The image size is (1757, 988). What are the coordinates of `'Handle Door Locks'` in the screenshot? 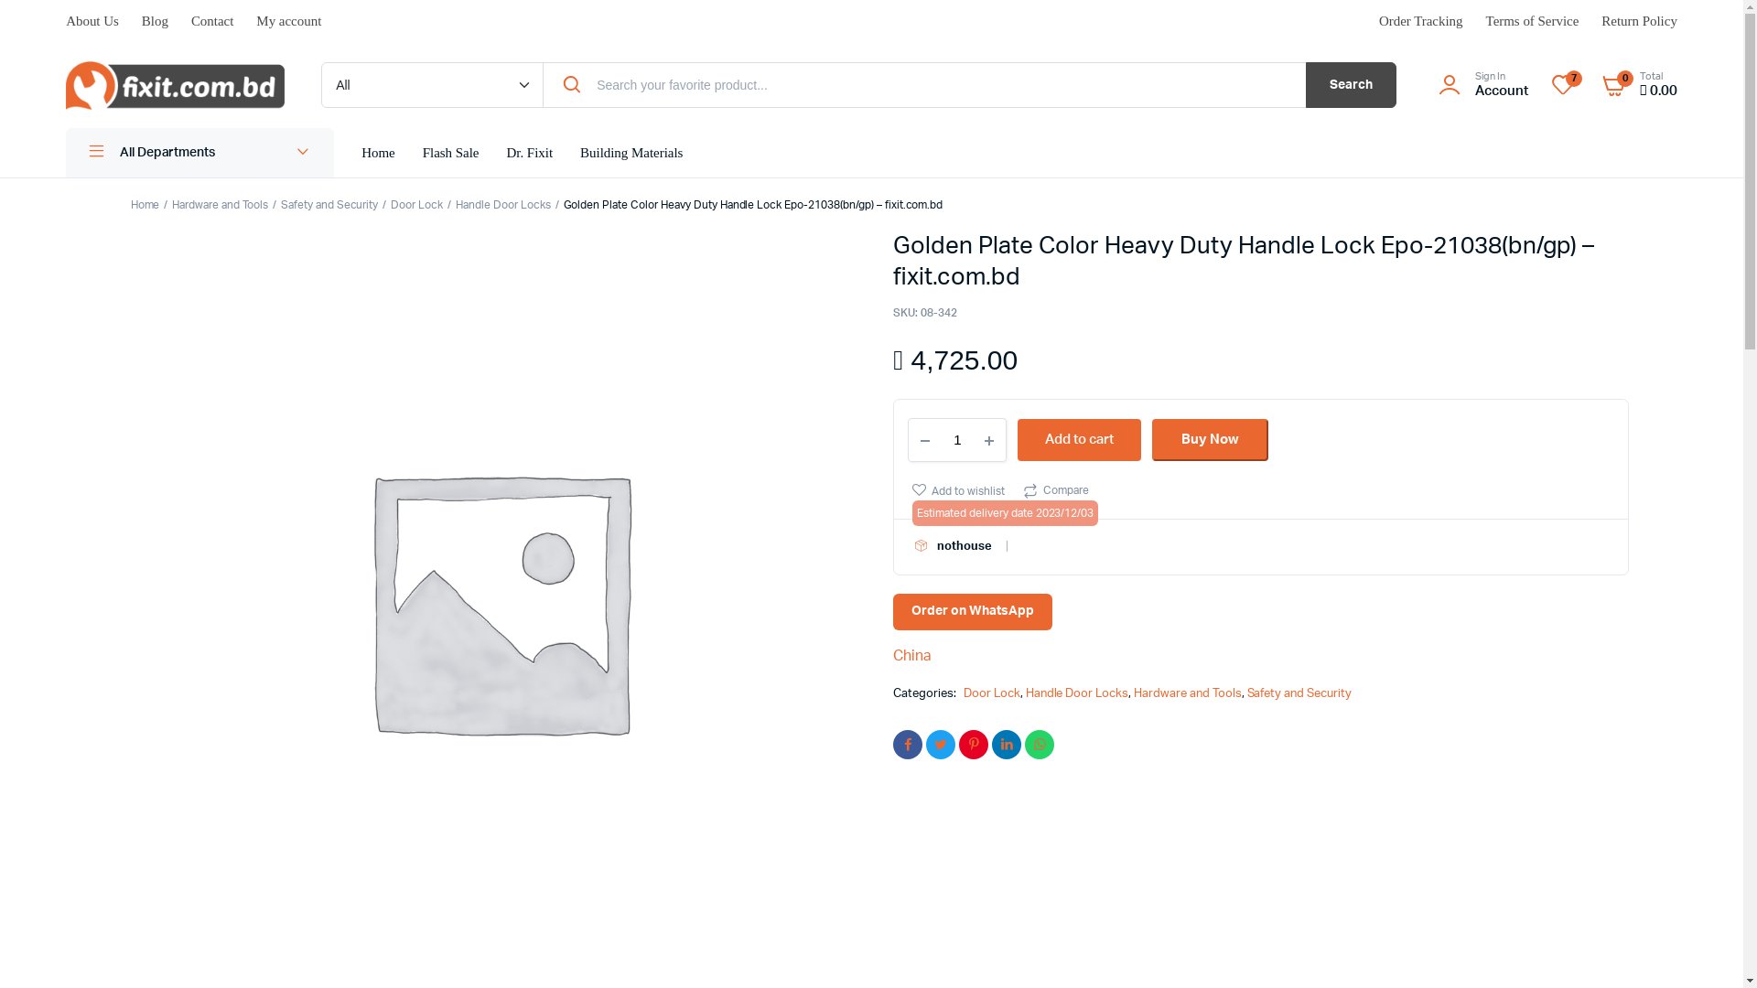 It's located at (1077, 693).